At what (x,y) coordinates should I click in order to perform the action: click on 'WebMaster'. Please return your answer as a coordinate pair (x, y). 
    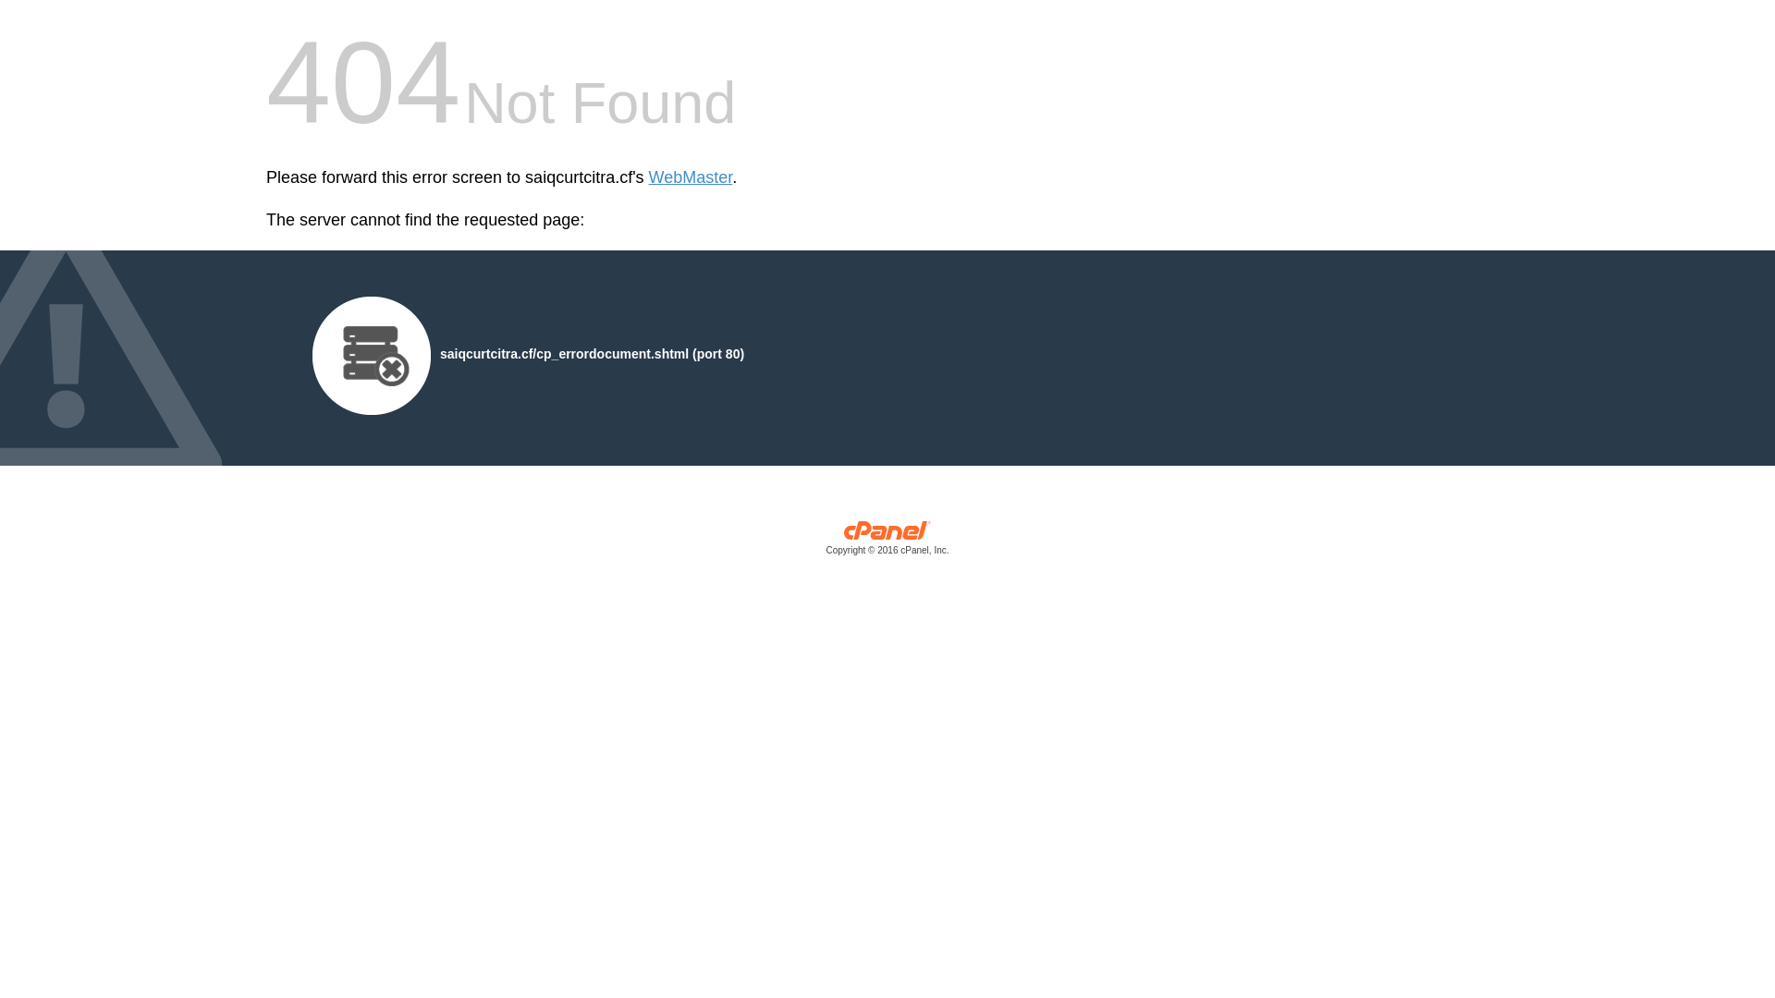
    Looking at the image, I should click on (690, 177).